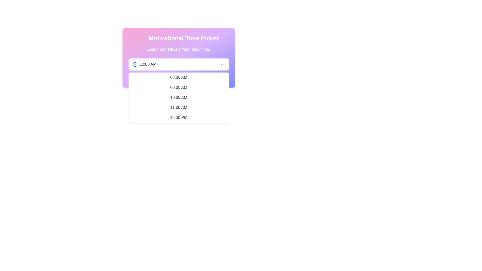 The height and width of the screenshot is (271, 482). Describe the element at coordinates (142, 38) in the screenshot. I see `the smiley face icon in the header section labeled 'Motivational Time Picker', which is the first icon displayed left-aligned before the text content` at that location.